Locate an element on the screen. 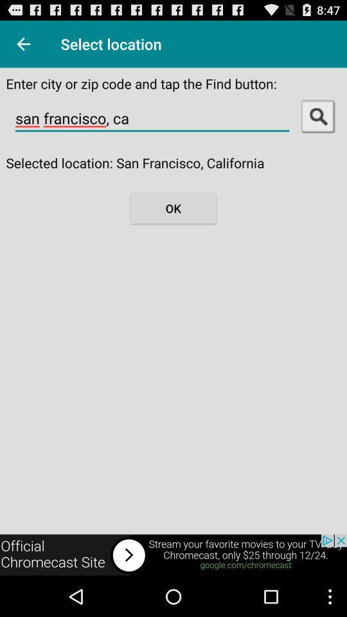  search on the app is located at coordinates (317, 115).